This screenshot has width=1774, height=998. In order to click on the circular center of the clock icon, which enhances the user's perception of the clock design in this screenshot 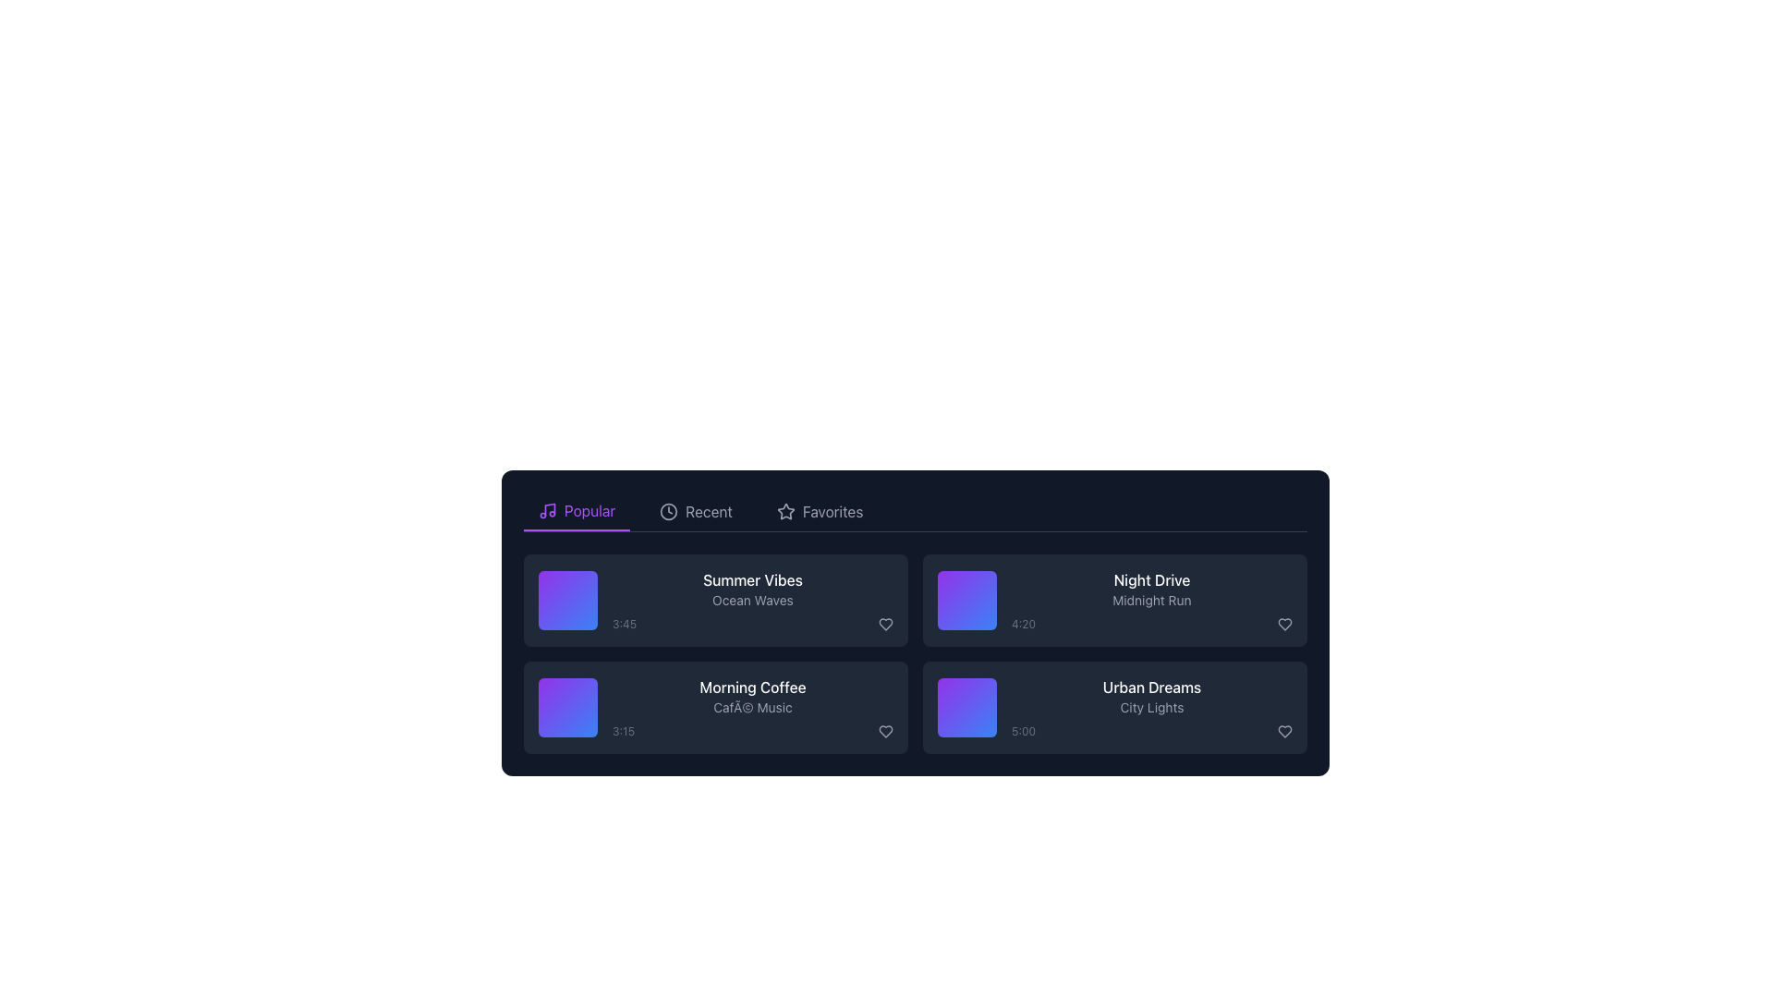, I will do `click(668, 512)`.